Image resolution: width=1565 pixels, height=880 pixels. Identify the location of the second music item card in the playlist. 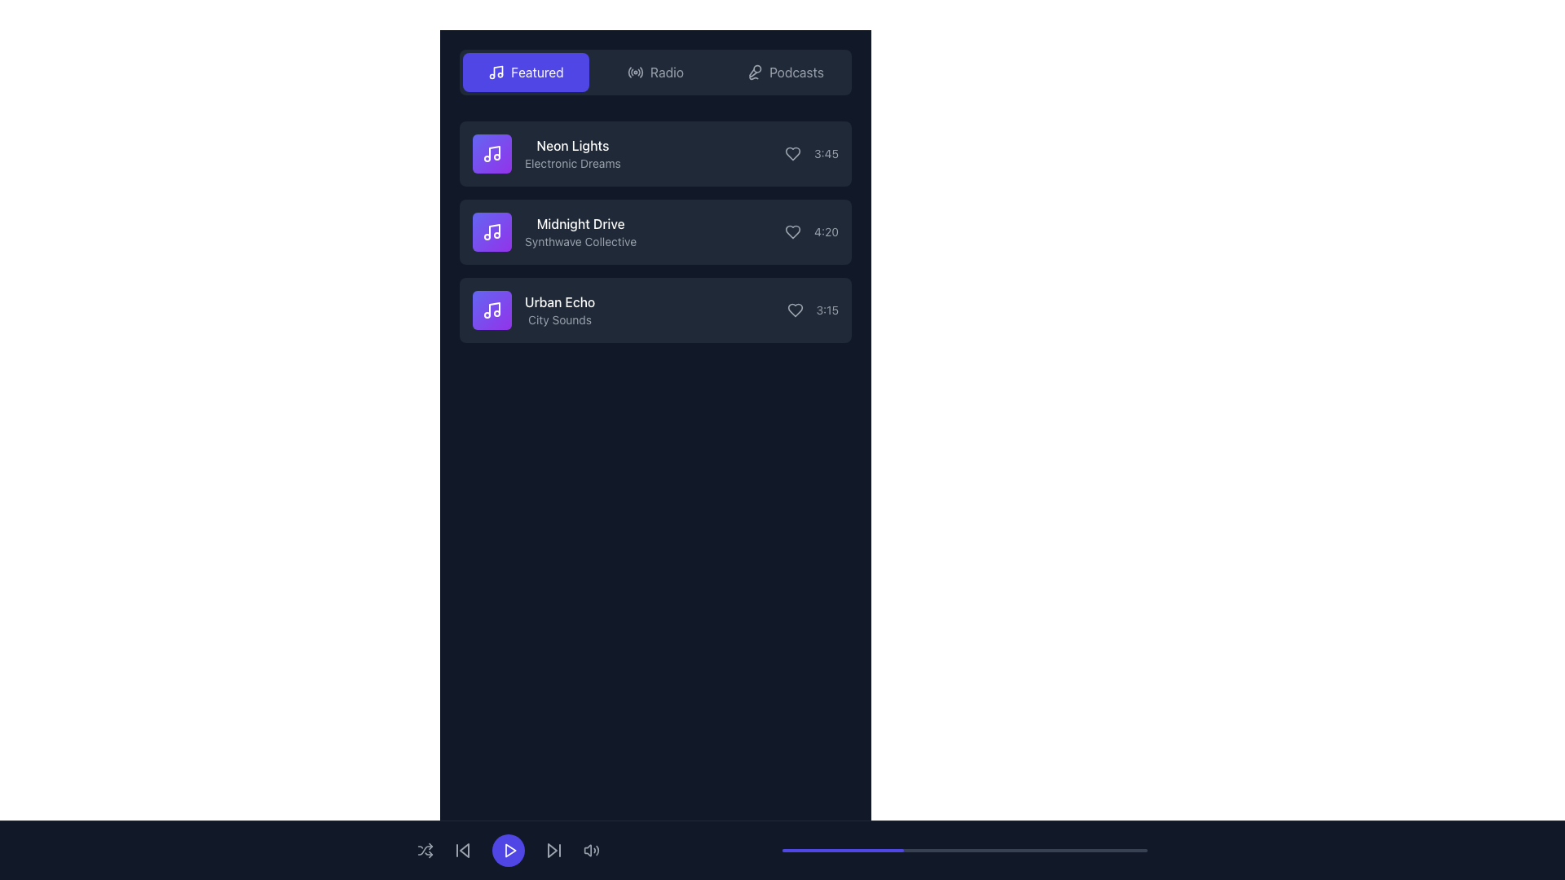
(655, 232).